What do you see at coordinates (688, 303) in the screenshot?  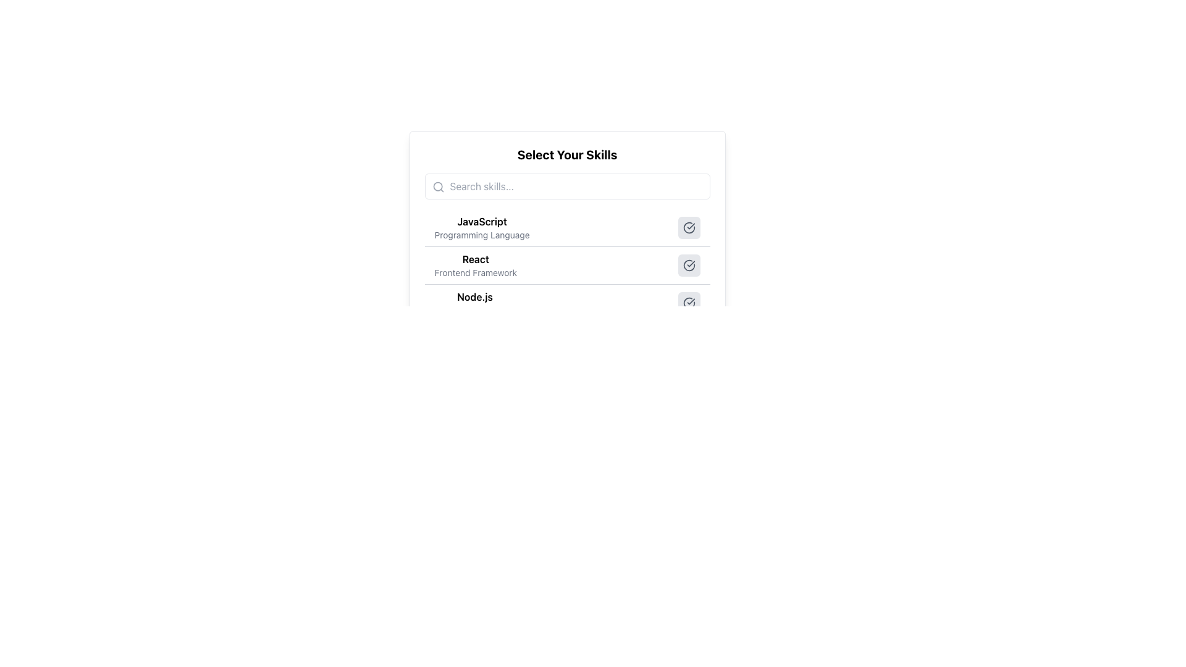 I see `the toggle button located at the far right of the 'Node.js' skill in the vertical list of skills` at bounding box center [688, 303].